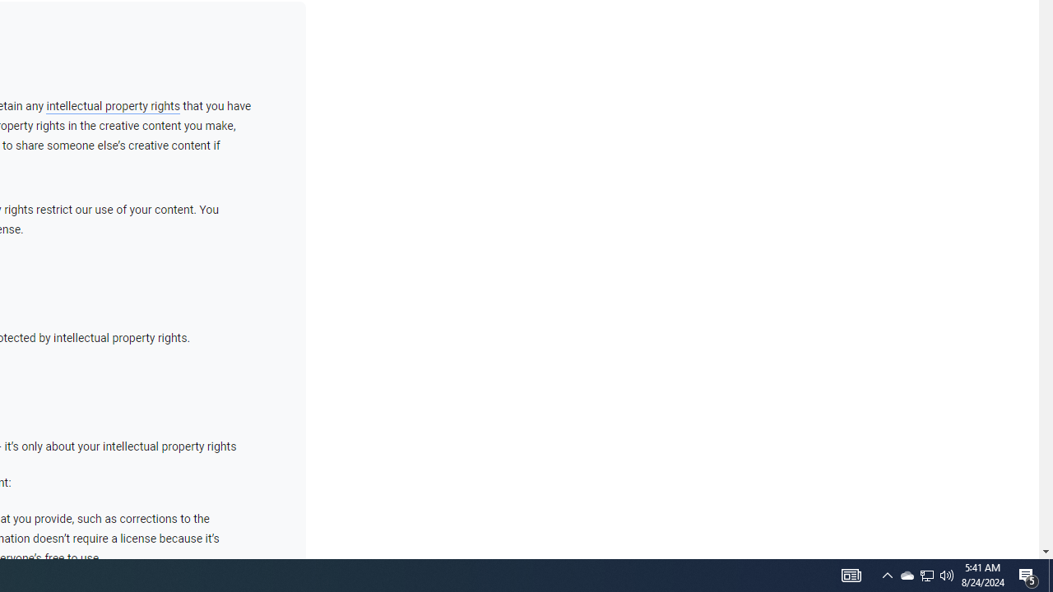  Describe the element at coordinates (112, 106) in the screenshot. I see `'intellectual property rights'` at that location.